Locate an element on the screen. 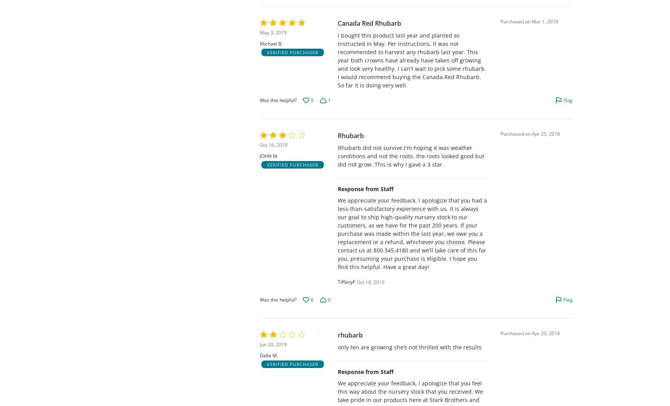 This screenshot has width=670, height=406. 'TiffanyF' is located at coordinates (346, 281).